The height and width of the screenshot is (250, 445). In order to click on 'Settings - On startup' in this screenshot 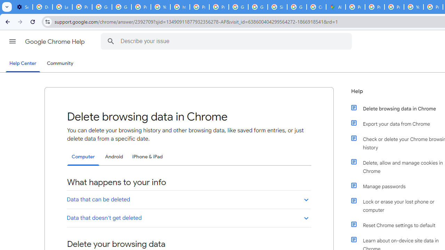, I will do `click(23, 7)`.